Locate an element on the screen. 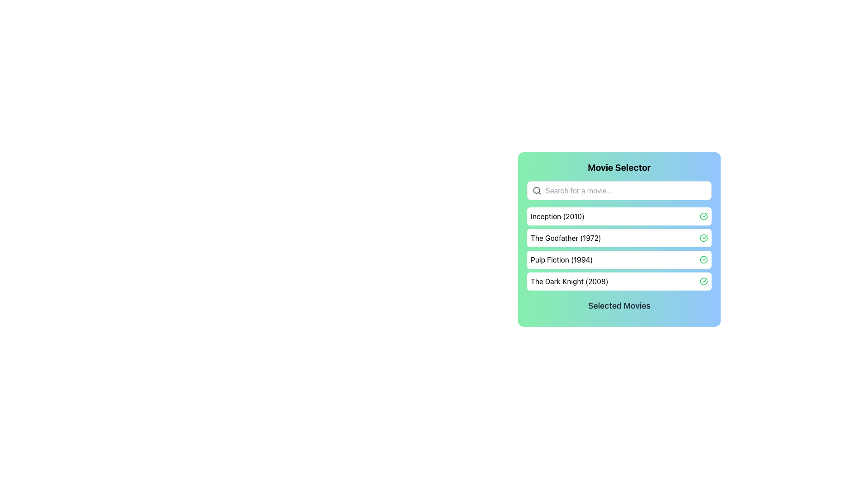 Image resolution: width=868 pixels, height=488 pixels. the text label reading 'The Godfather (1972)' which is the second movie in the vertically aligned list within the 'Movie Selector' panel is located at coordinates (565, 238).